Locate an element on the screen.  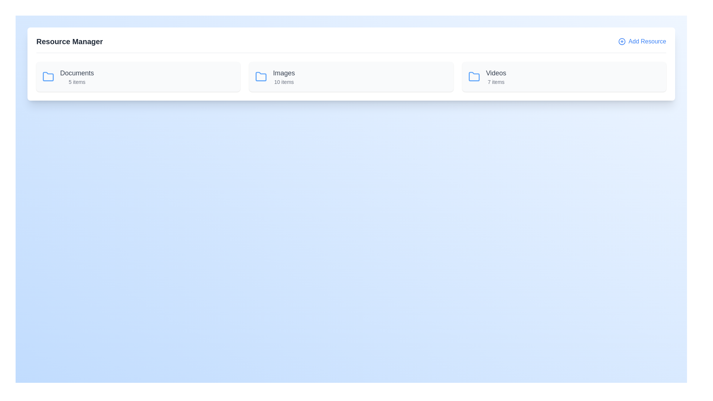
the text label displaying supplementary information about the number of items in the 'Documents' category, located within the 'Resource Manager' section is located at coordinates (77, 82).